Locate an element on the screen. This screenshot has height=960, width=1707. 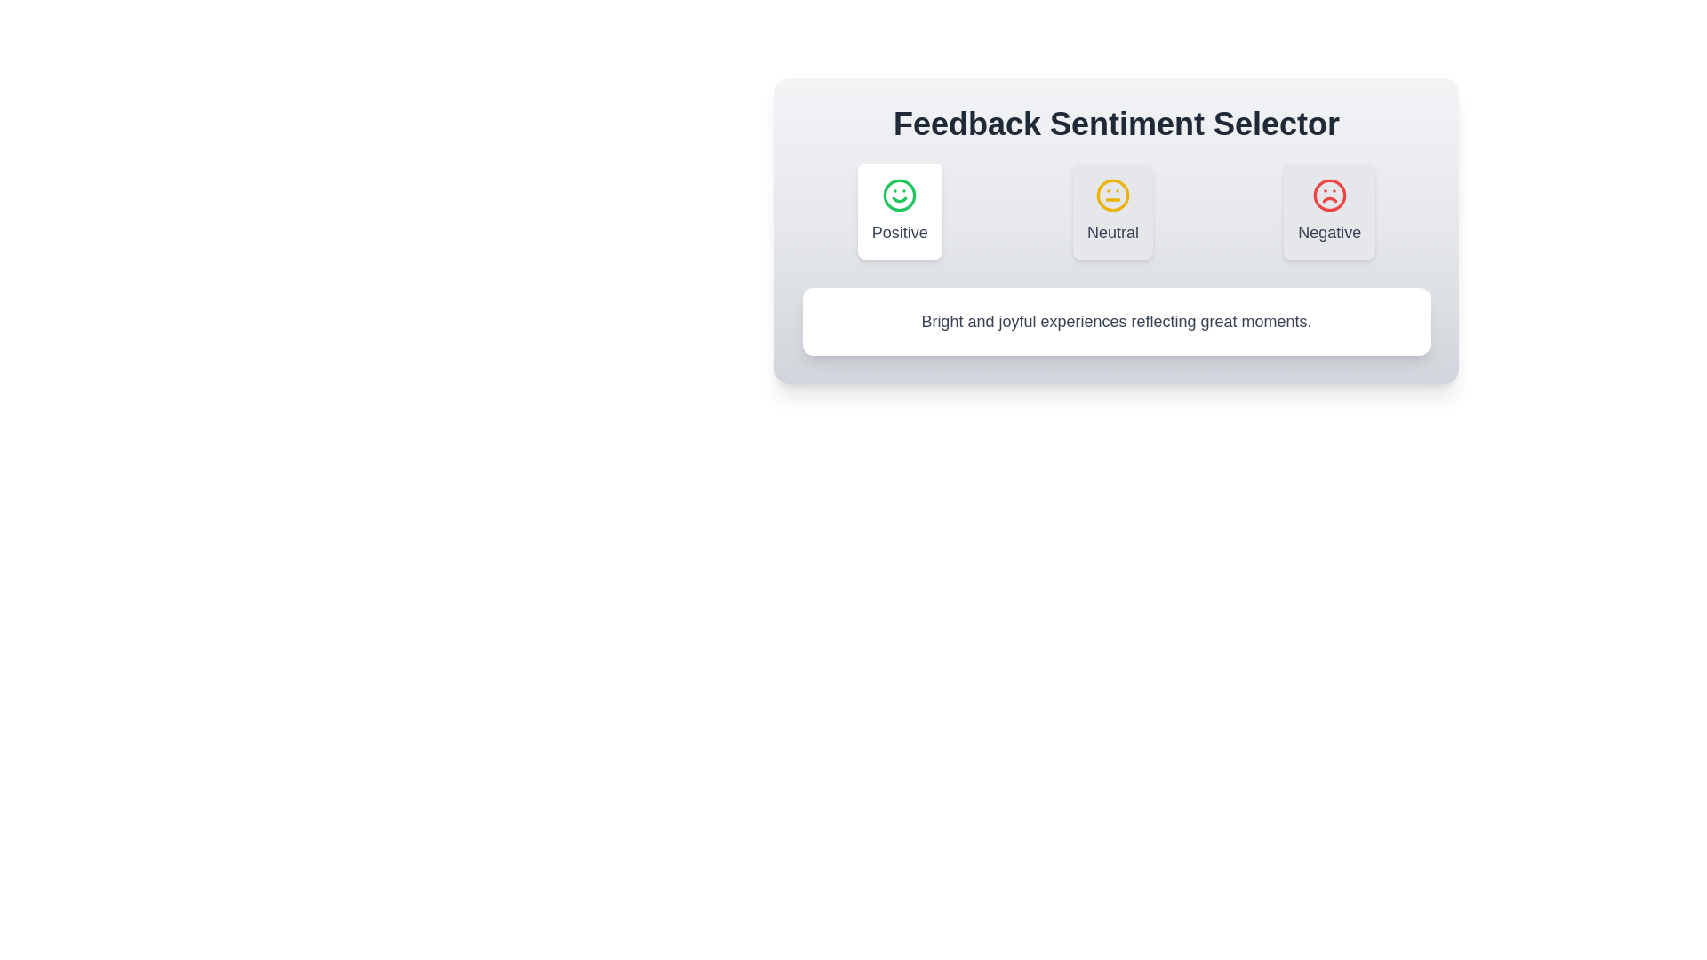
the Neutral tab is located at coordinates (1112, 211).